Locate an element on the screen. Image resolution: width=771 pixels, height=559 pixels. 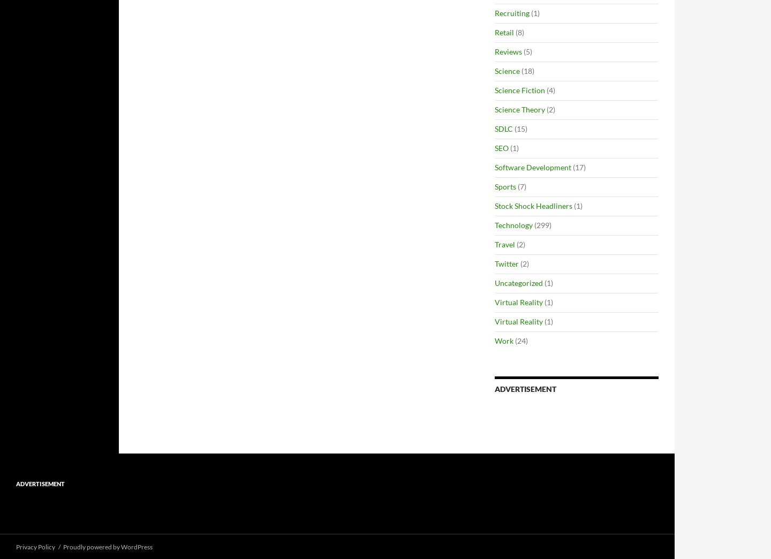
'Science Theory' is located at coordinates (495, 109).